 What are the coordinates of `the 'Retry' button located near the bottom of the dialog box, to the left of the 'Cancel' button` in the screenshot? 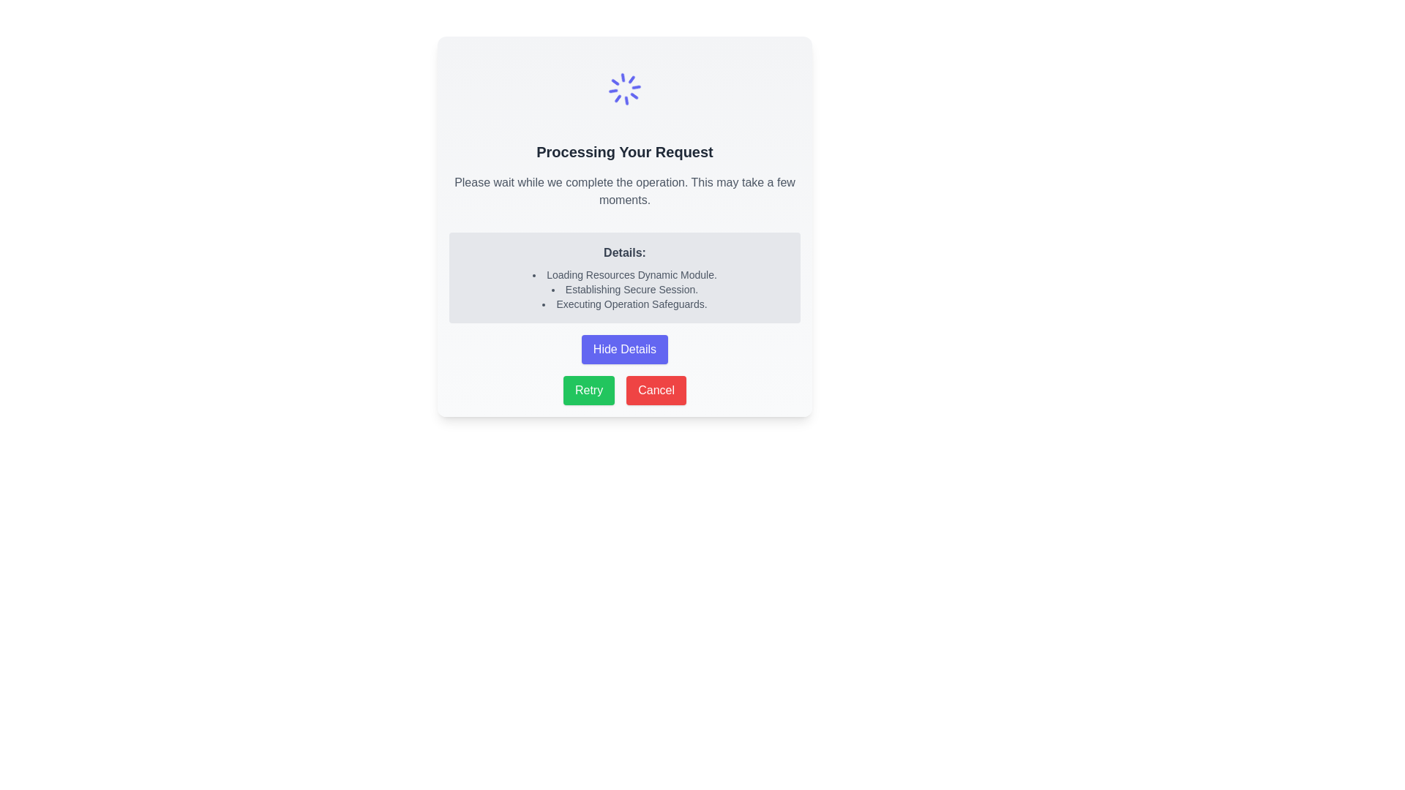 It's located at (589, 389).